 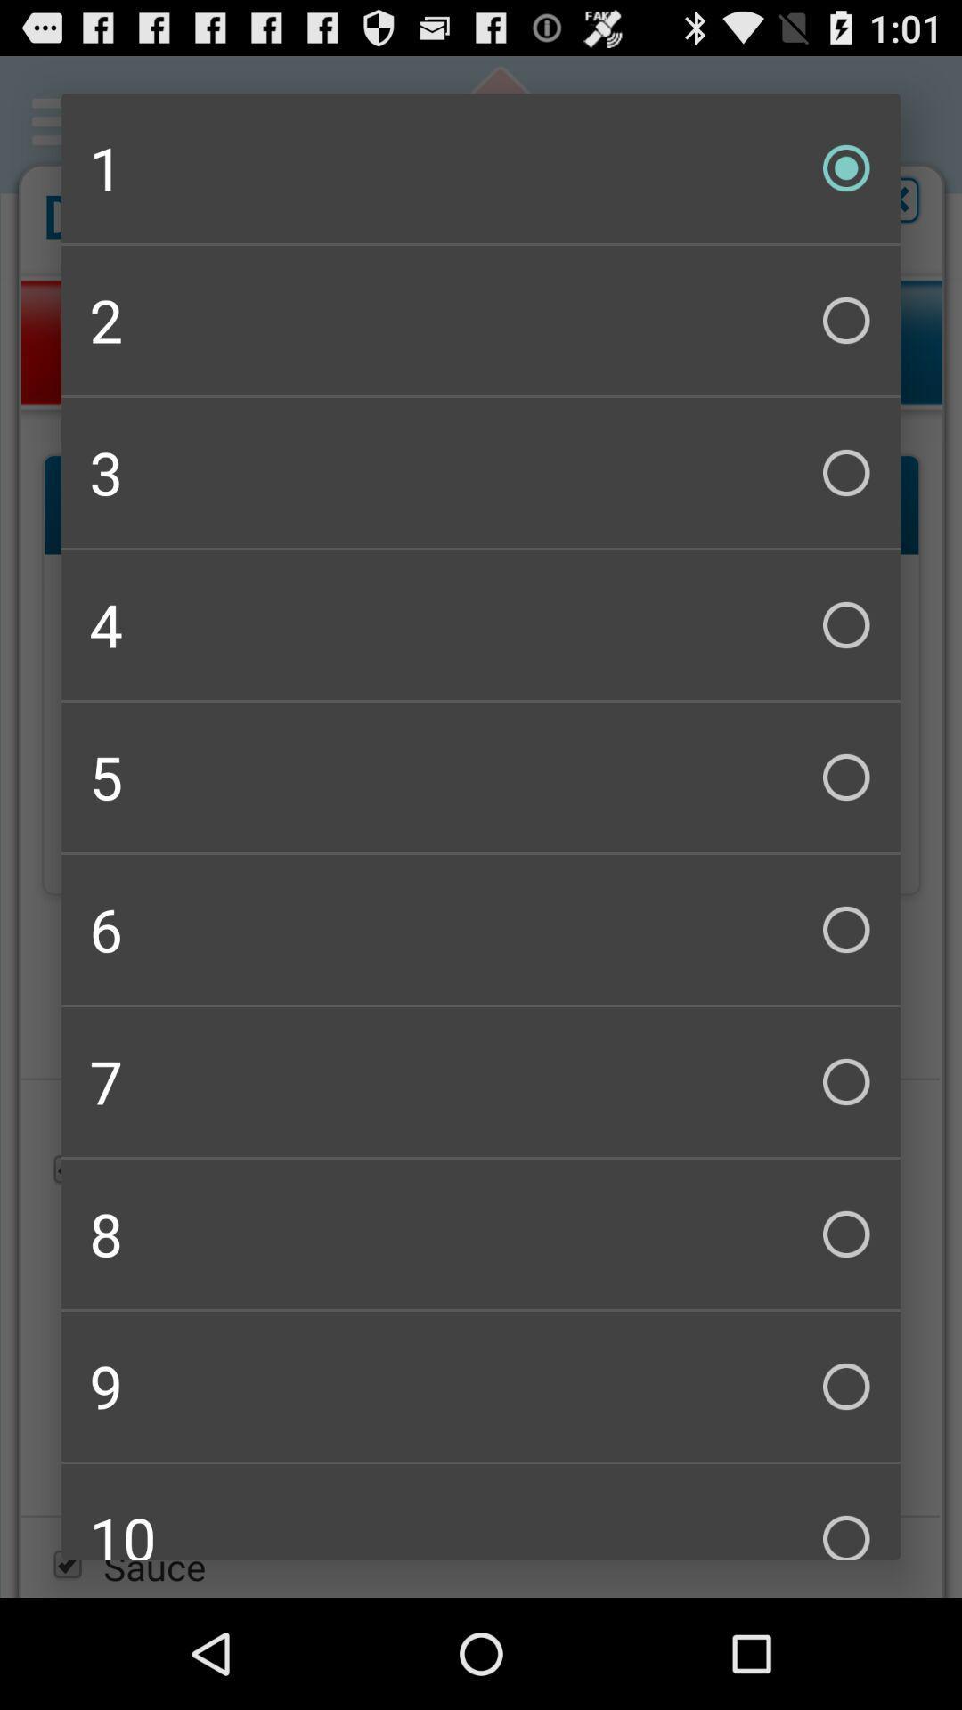 I want to click on icon above the 2 checkbox, so click(x=481, y=167).